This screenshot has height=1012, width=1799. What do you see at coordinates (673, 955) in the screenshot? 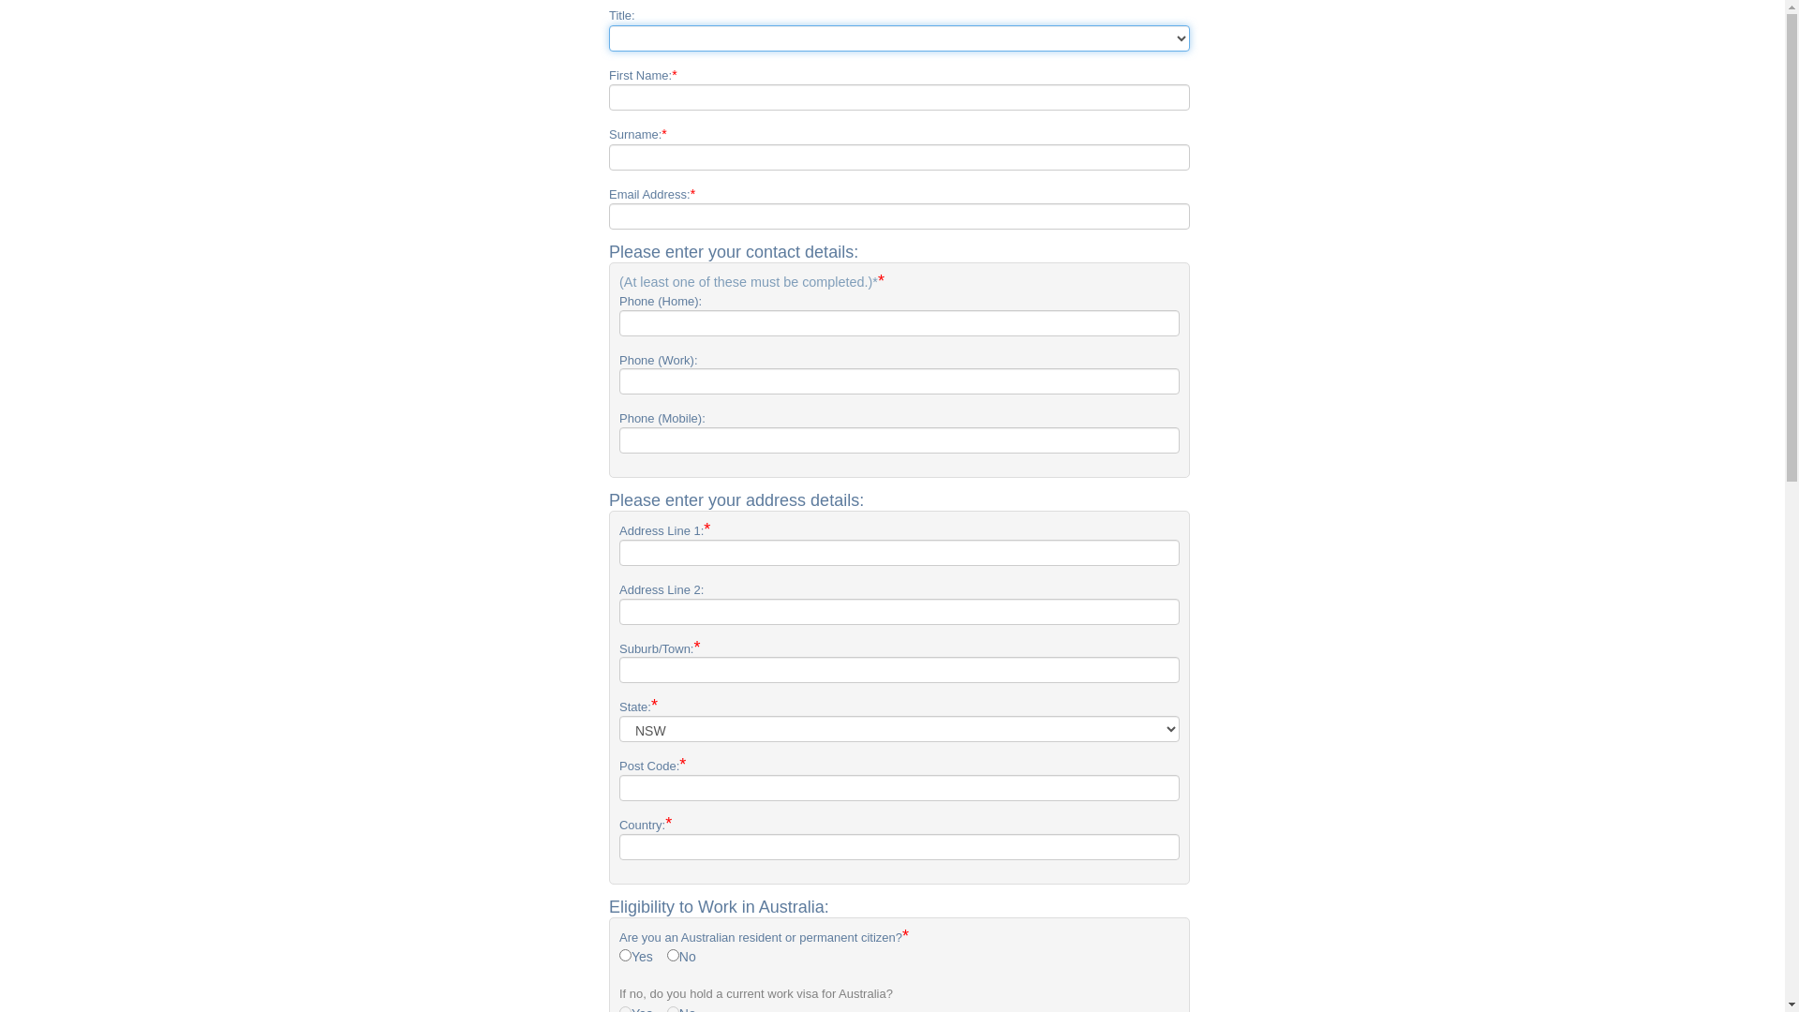
I see `'0'` at bounding box center [673, 955].